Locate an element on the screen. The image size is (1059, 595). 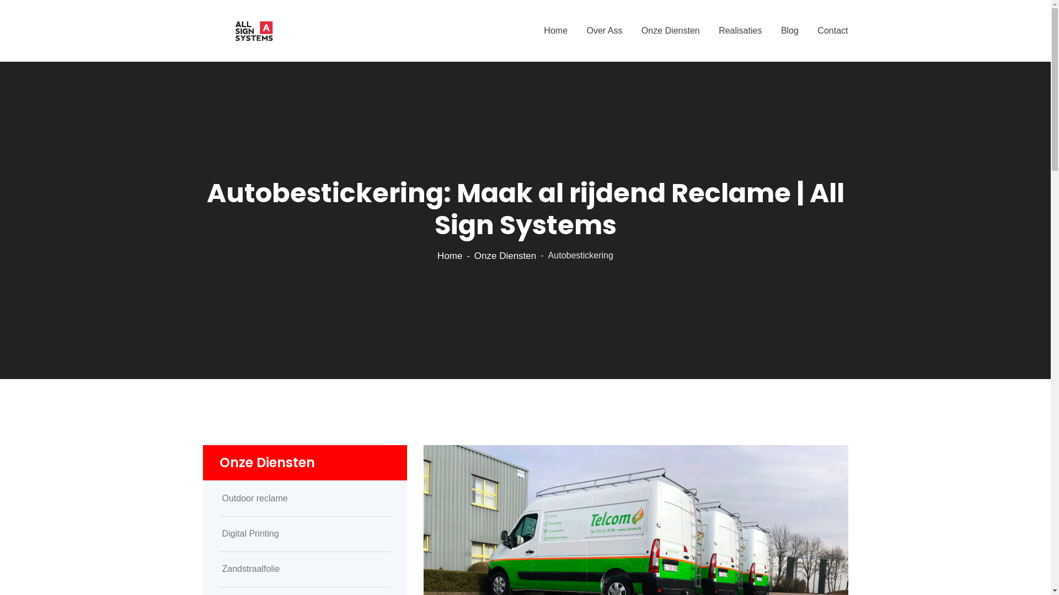
'Outdoor reclame' is located at coordinates (304, 499).